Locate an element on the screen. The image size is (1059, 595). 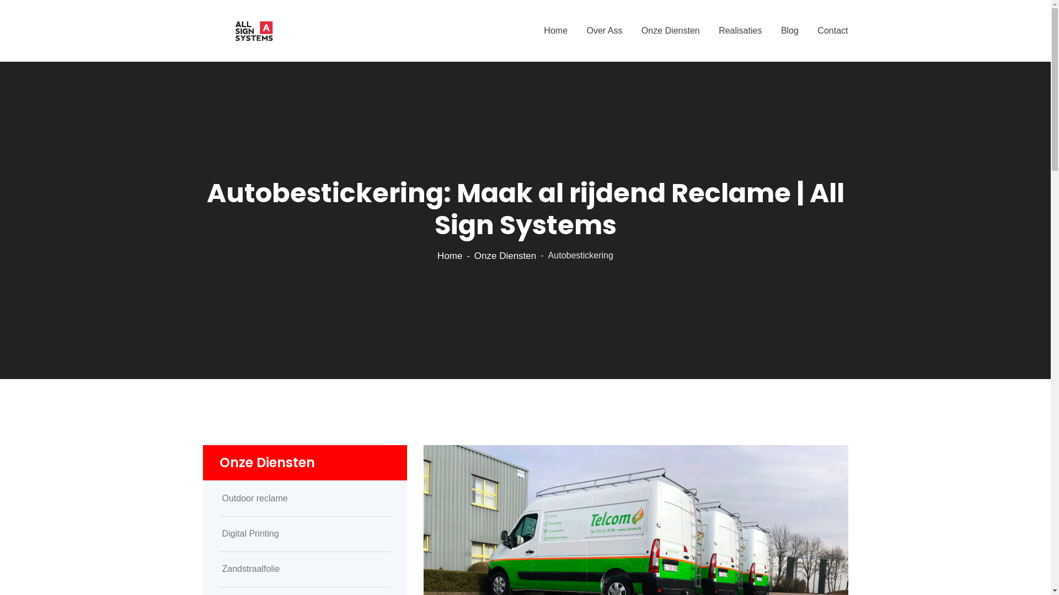
'Outdoor reclame' is located at coordinates (304, 499).